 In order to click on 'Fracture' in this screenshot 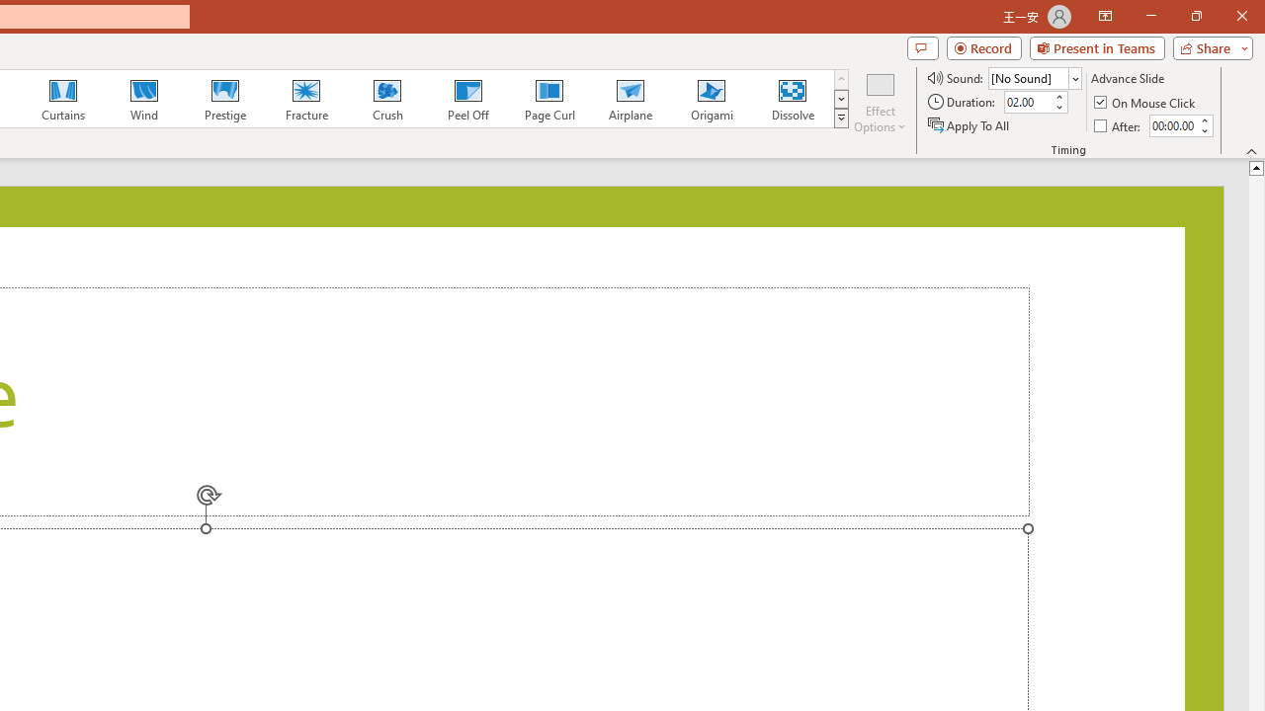, I will do `click(304, 99)`.